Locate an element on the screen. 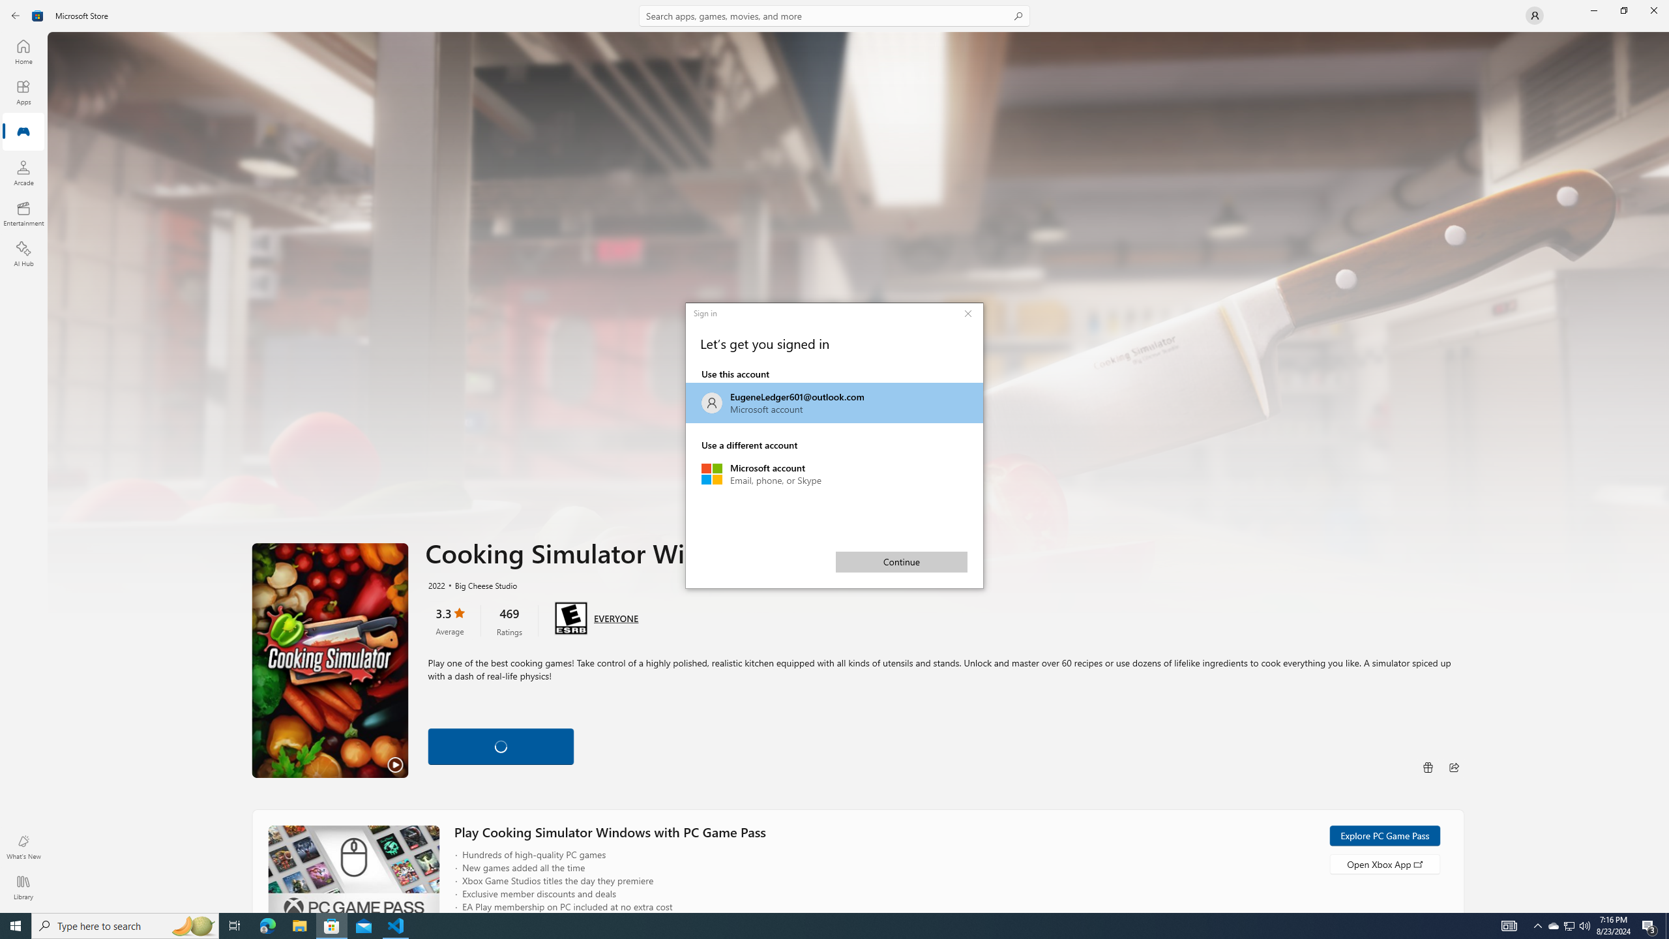 Image resolution: width=1669 pixels, height=939 pixels. 'Age rating: EVERYONE. Click for more information.' is located at coordinates (615, 617).